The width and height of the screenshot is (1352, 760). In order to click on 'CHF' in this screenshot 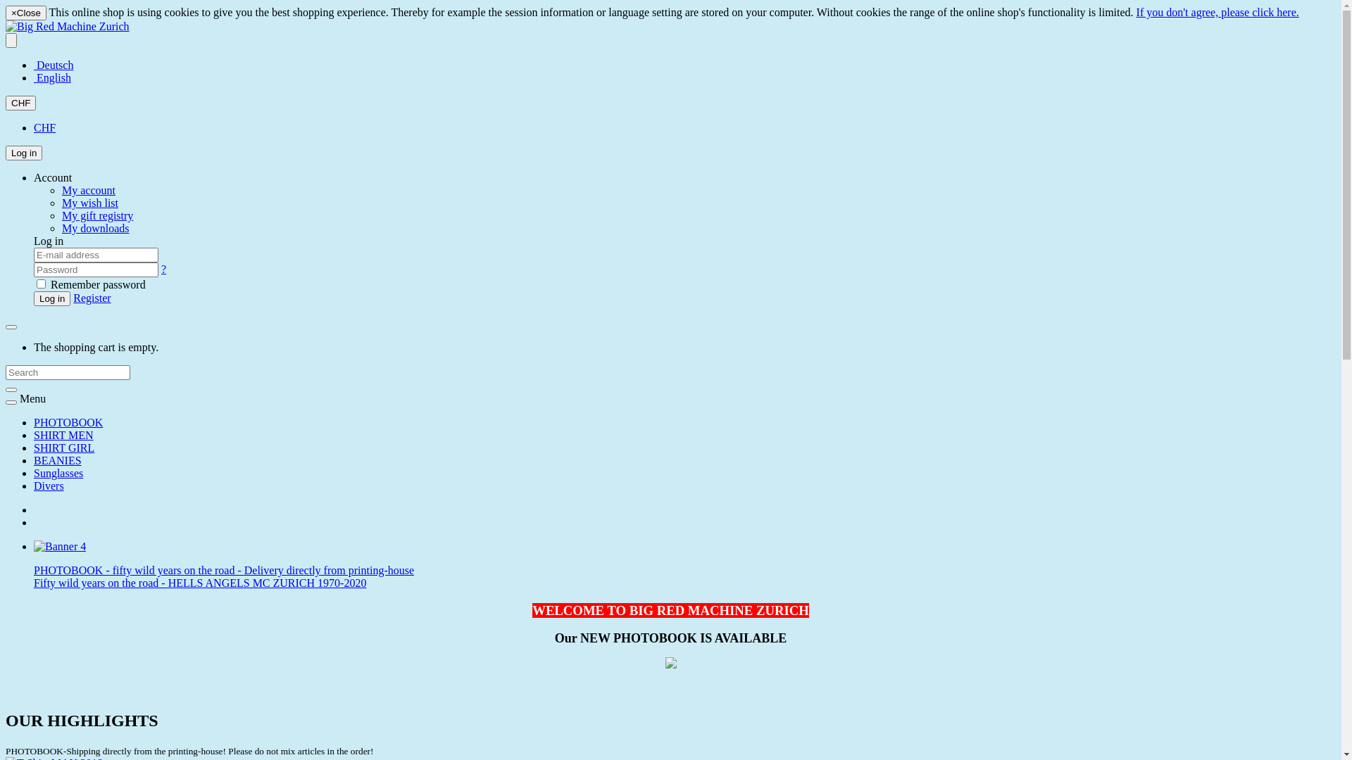, I will do `click(44, 127)`.